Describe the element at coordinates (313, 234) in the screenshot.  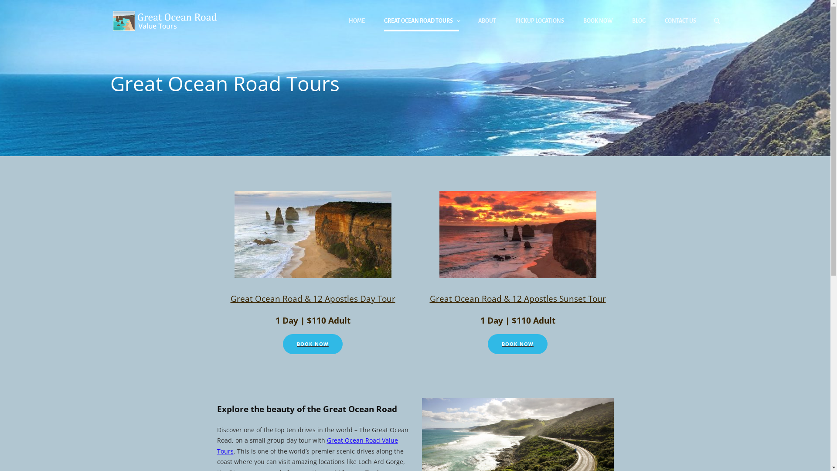
I see `'Twelve_Apostles'` at that location.